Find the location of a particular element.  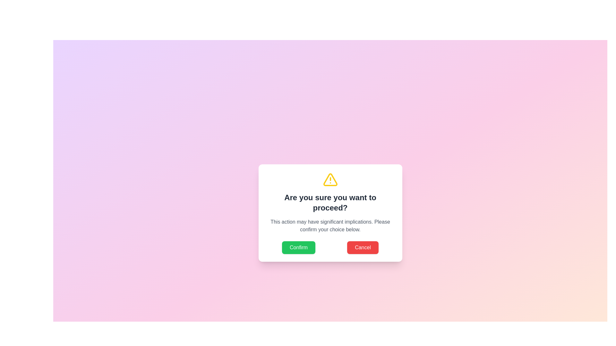

text of the confirmation dialog title label, which is positioned below the caution icon and above the descriptive text and buttons is located at coordinates (330, 202).